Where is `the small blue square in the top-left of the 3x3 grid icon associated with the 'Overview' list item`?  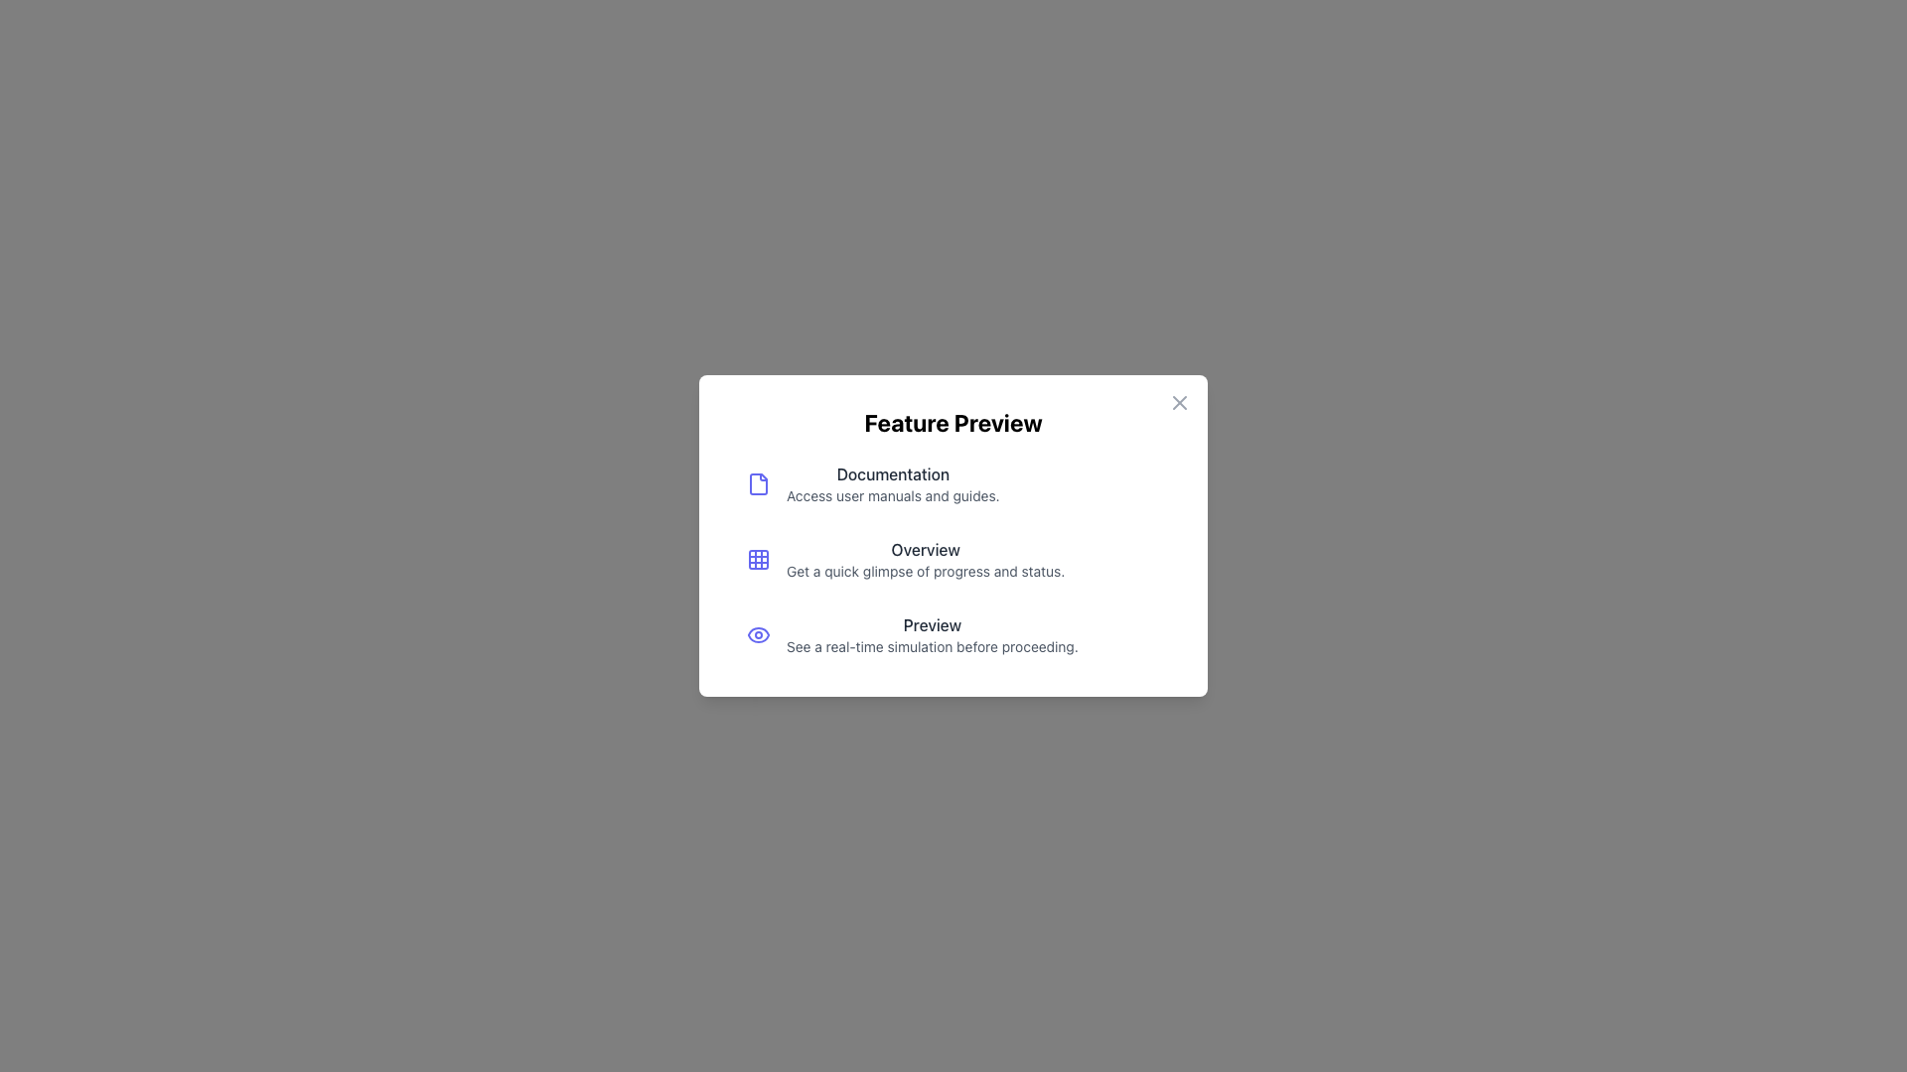
the small blue square in the top-left of the 3x3 grid icon associated with the 'Overview' list item is located at coordinates (757, 559).